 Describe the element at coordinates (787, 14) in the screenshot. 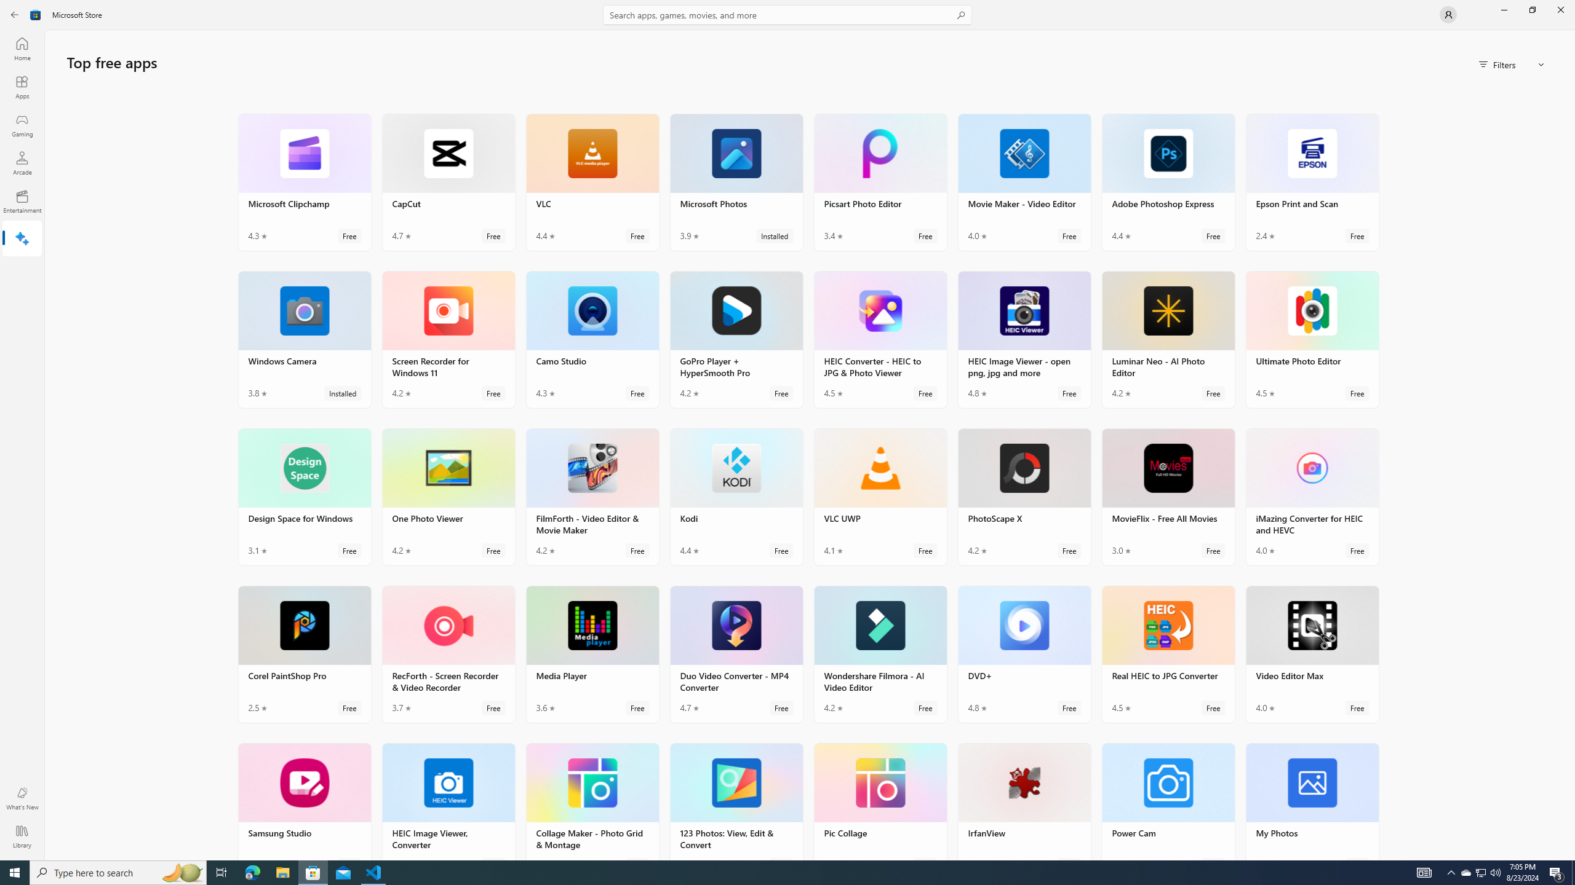

I see `'Search'` at that location.